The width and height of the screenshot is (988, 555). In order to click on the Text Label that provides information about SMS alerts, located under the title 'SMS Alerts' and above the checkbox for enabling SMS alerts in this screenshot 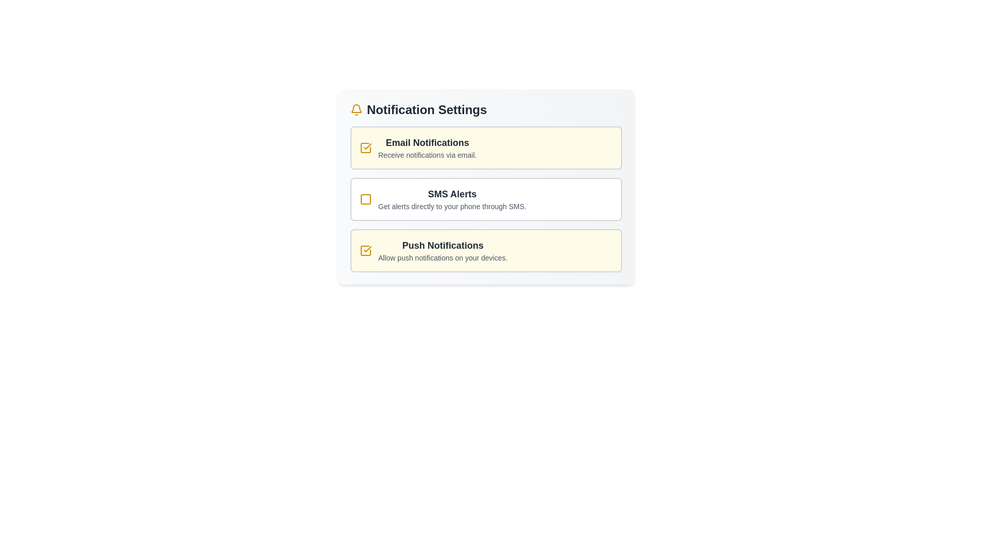, I will do `click(452, 206)`.